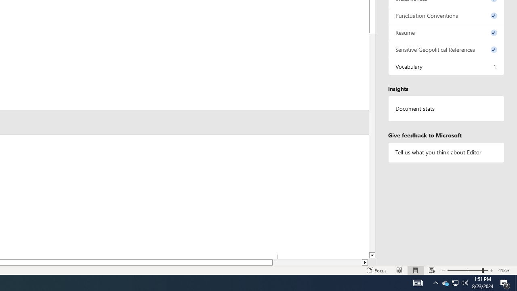 This screenshot has width=517, height=291. I want to click on 'Column right', so click(365, 262).